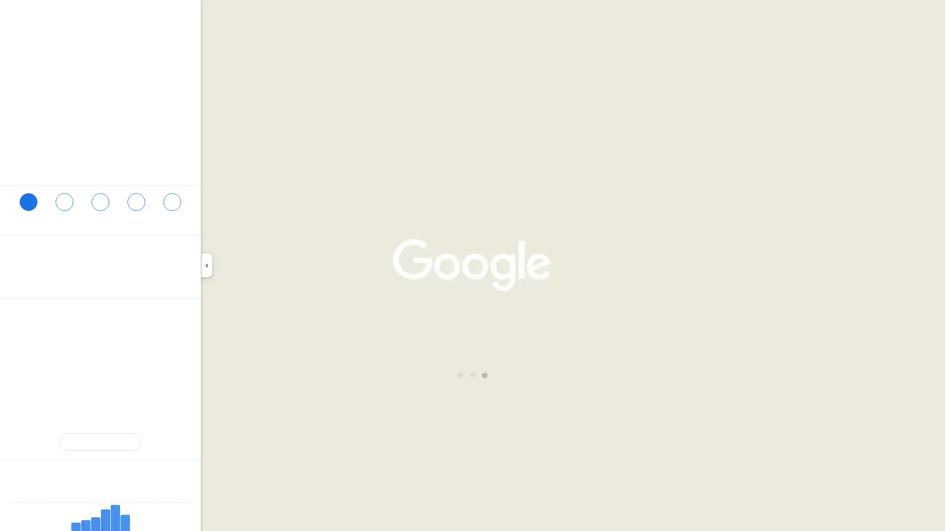 The image size is (945, 531). Describe the element at coordinates (184, 384) in the screenshot. I see `Learn more about plus codes` at that location.